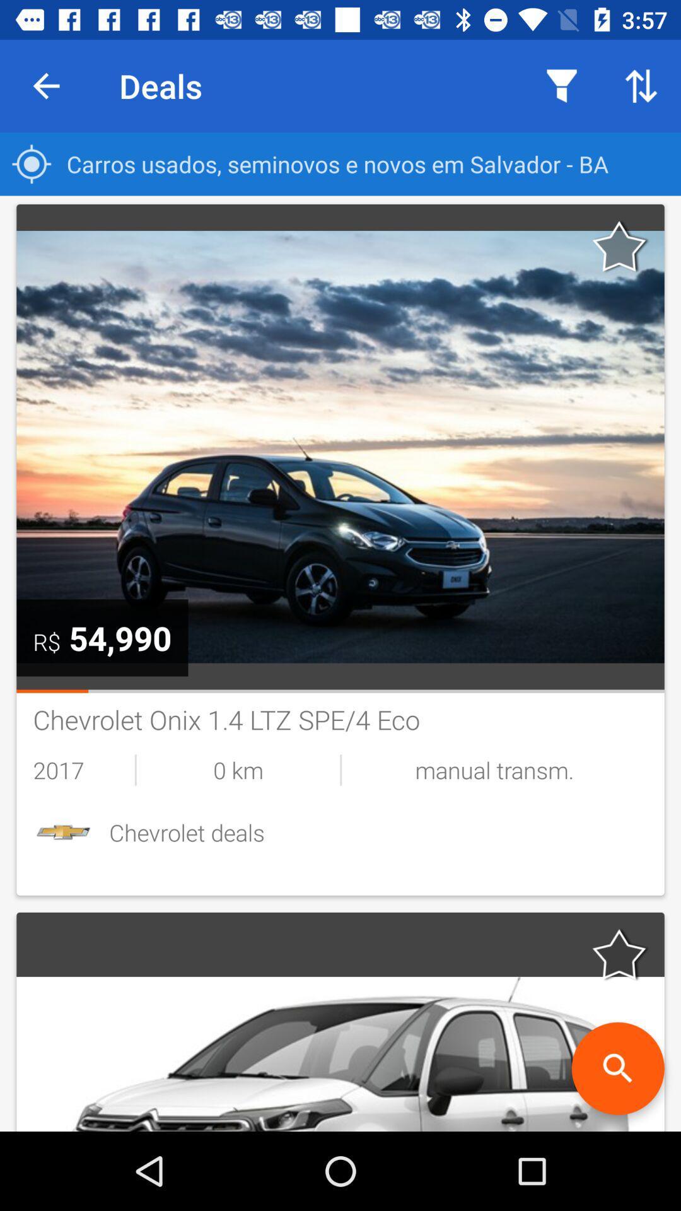  Describe the element at coordinates (619, 246) in the screenshot. I see `set favorite` at that location.